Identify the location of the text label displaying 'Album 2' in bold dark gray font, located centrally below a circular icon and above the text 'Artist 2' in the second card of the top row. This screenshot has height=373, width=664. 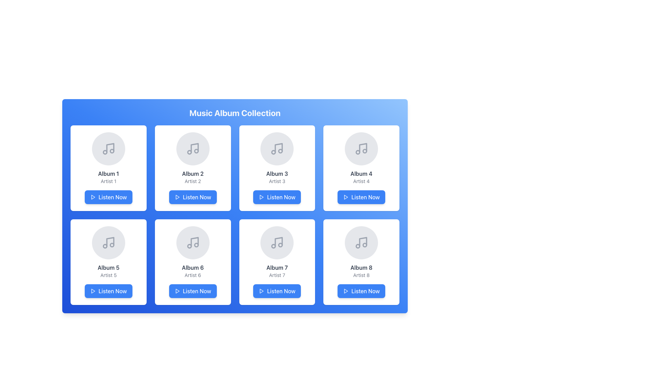
(193, 173).